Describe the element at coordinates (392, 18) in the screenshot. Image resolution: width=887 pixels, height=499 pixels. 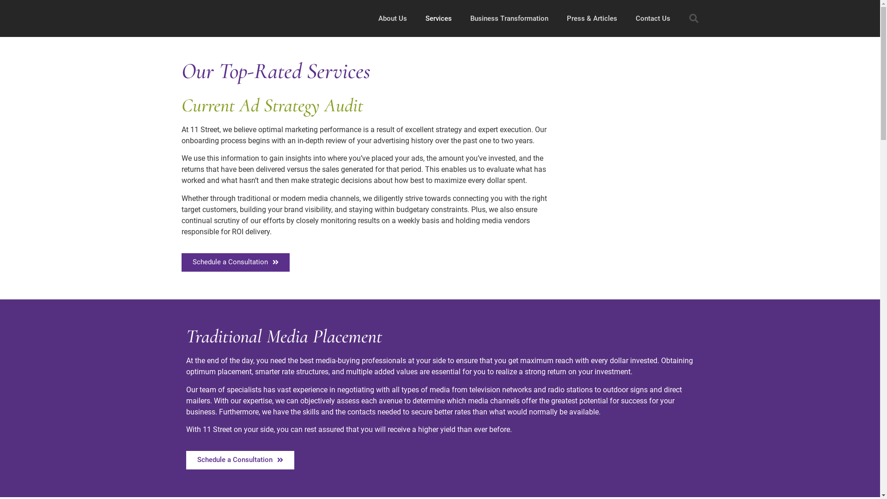
I see `'About Us'` at that location.